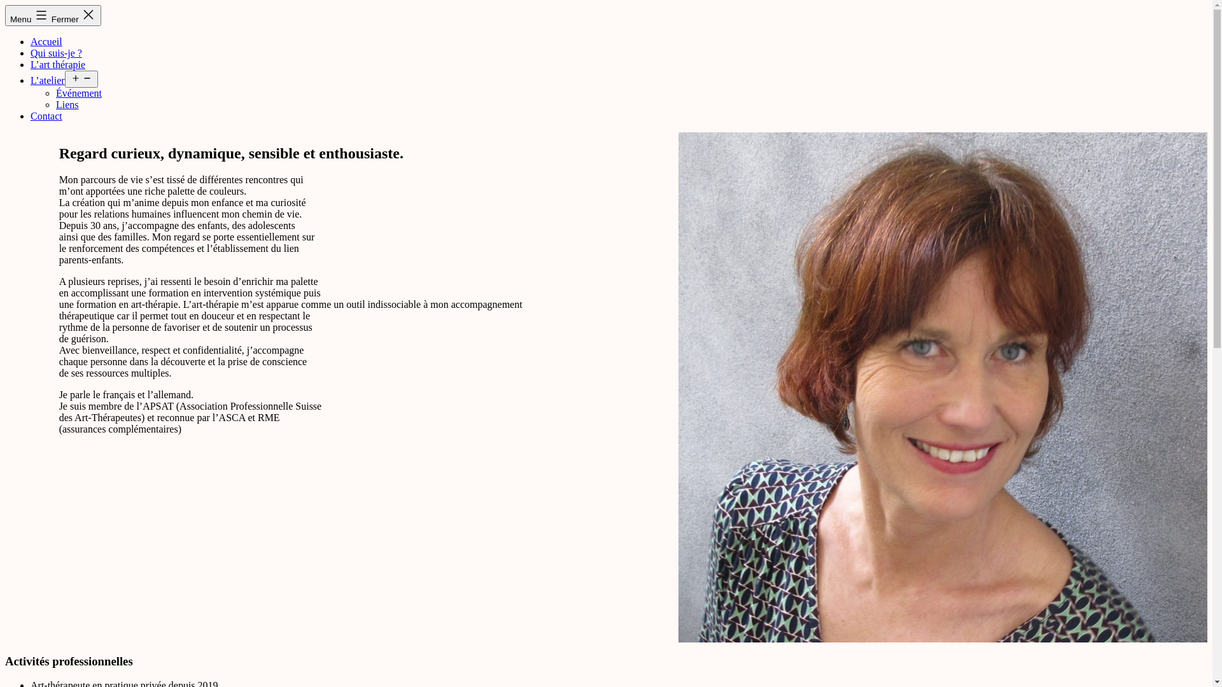 The height and width of the screenshot is (687, 1222). What do you see at coordinates (64, 79) in the screenshot?
I see `'Ouvrir le menu'` at bounding box center [64, 79].